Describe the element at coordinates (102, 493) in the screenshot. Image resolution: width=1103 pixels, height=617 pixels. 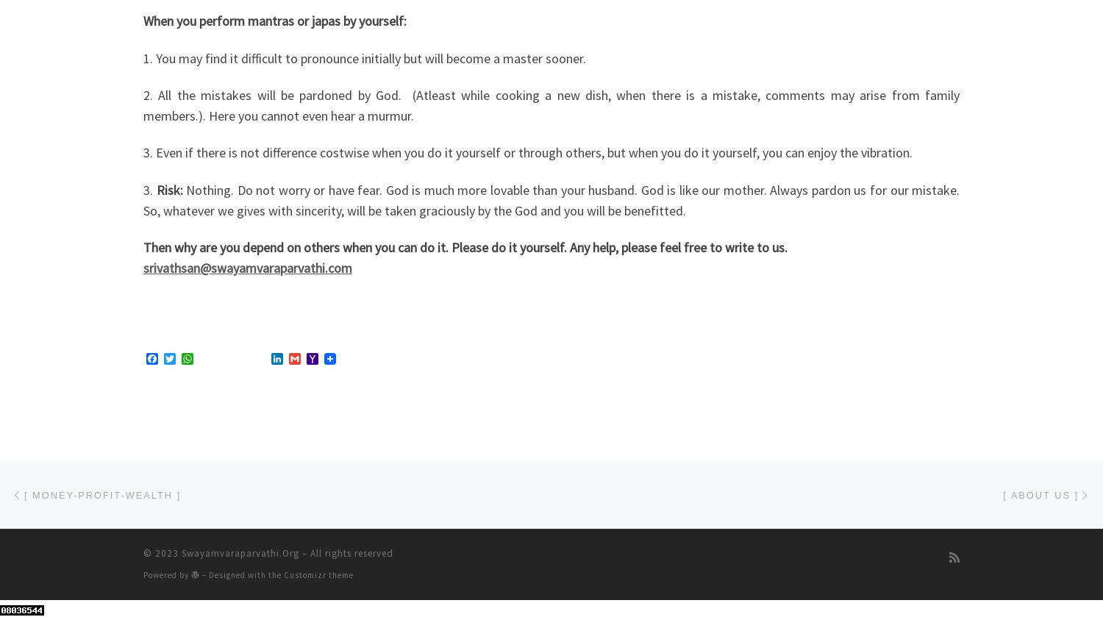
I see `'[ MONEY-PROFIT-WEALTH ]'` at that location.